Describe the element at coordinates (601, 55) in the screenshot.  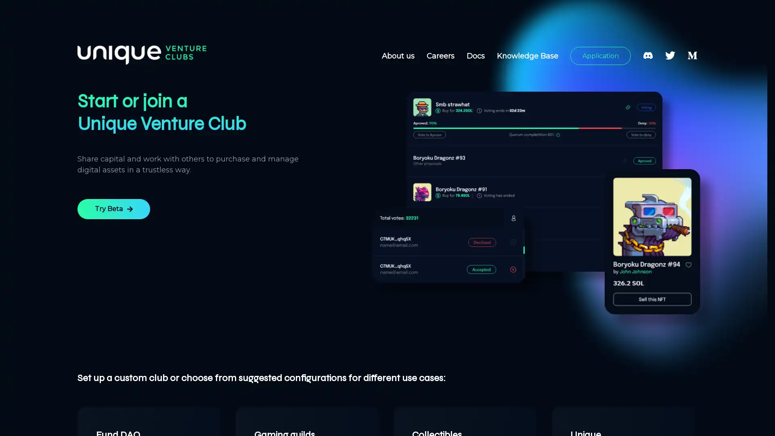
I see `Application` at that location.